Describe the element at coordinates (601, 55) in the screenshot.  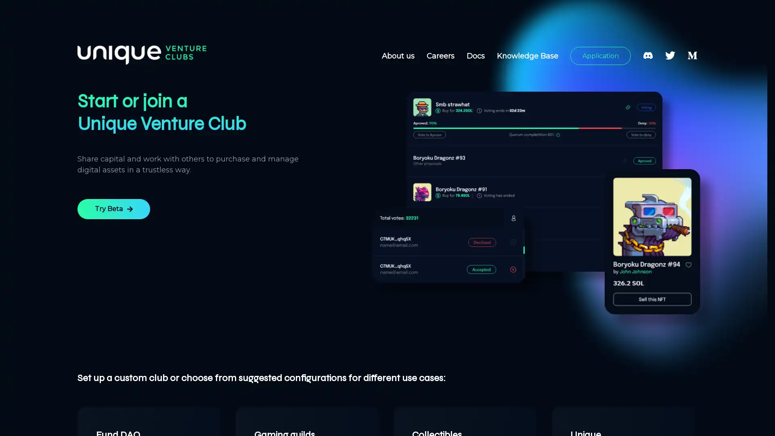
I see `Application` at that location.